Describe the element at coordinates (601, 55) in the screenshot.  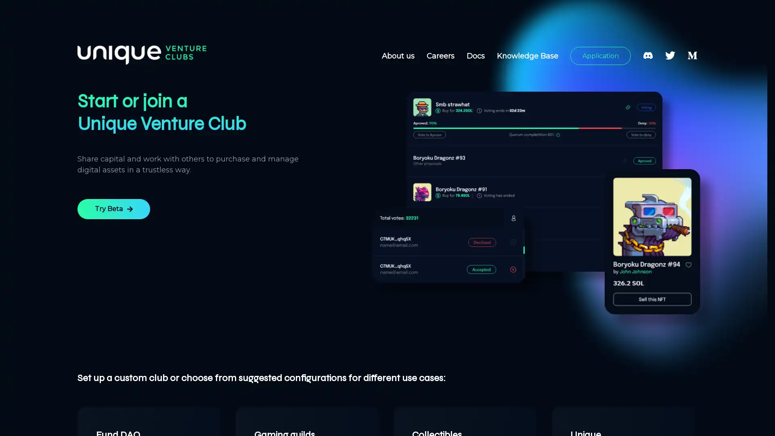
I see `Application` at that location.